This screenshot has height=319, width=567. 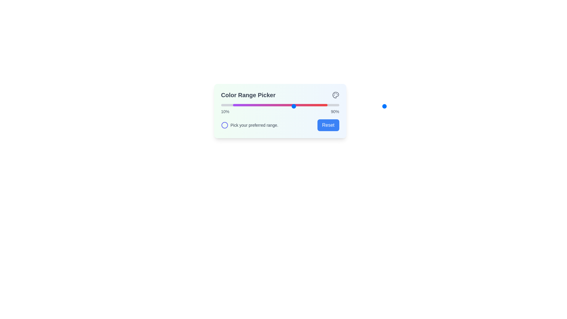 I want to click on the slider value, so click(x=265, y=105).